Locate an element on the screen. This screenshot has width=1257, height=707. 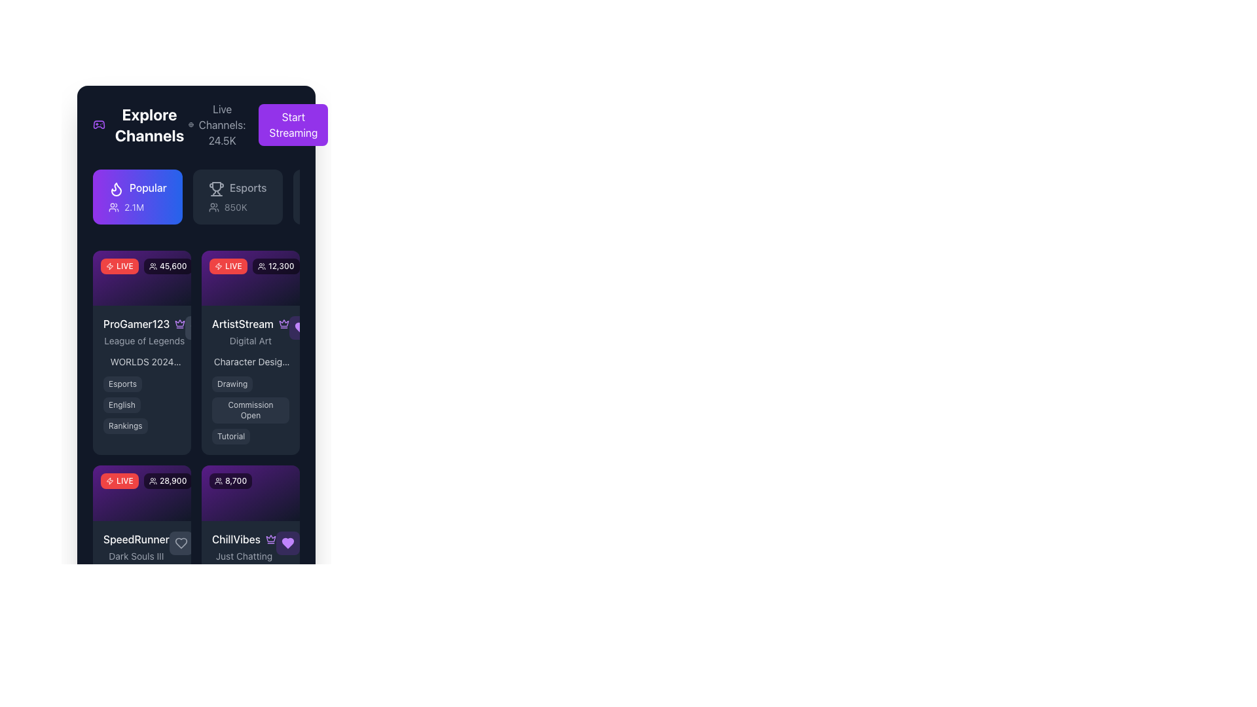
the crown icon with sharp edges in a purple color scheme located near the 'ArtistStream' channel card is located at coordinates (283, 323).